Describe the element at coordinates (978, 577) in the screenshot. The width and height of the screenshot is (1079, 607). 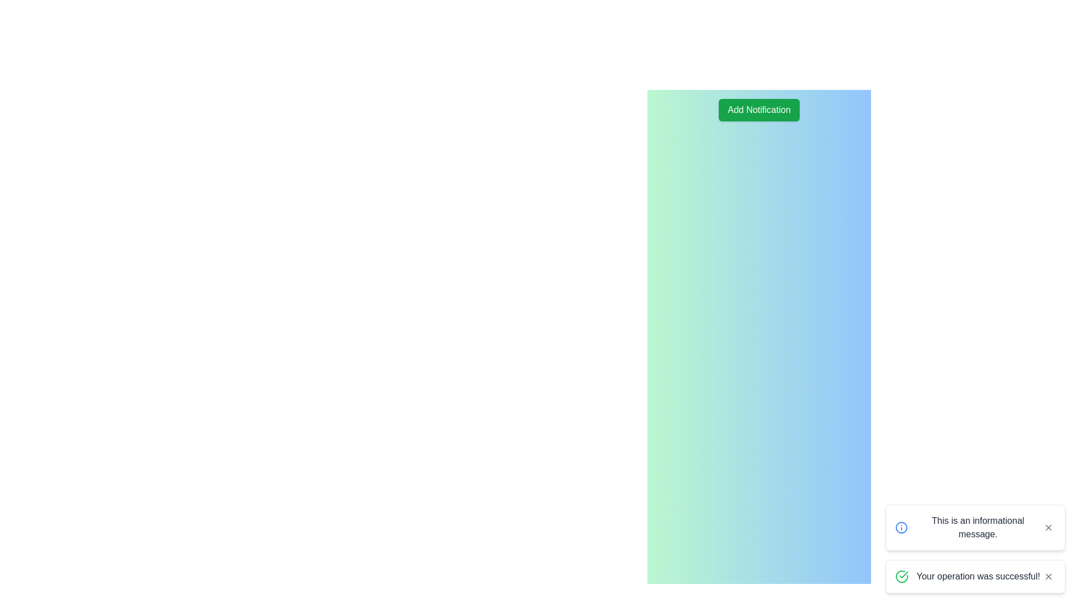
I see `text of the notification label that indicates a successful operation, located within the notification box at the bottom-right of the interface, positioned right of the green checkmark icon and left of the close button` at that location.